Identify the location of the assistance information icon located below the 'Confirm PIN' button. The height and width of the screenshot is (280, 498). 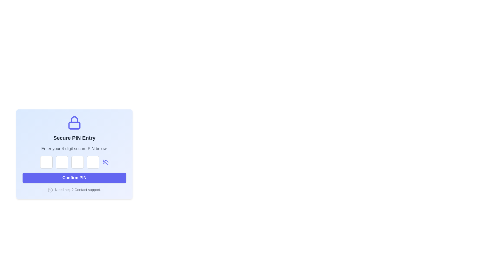
(74, 190).